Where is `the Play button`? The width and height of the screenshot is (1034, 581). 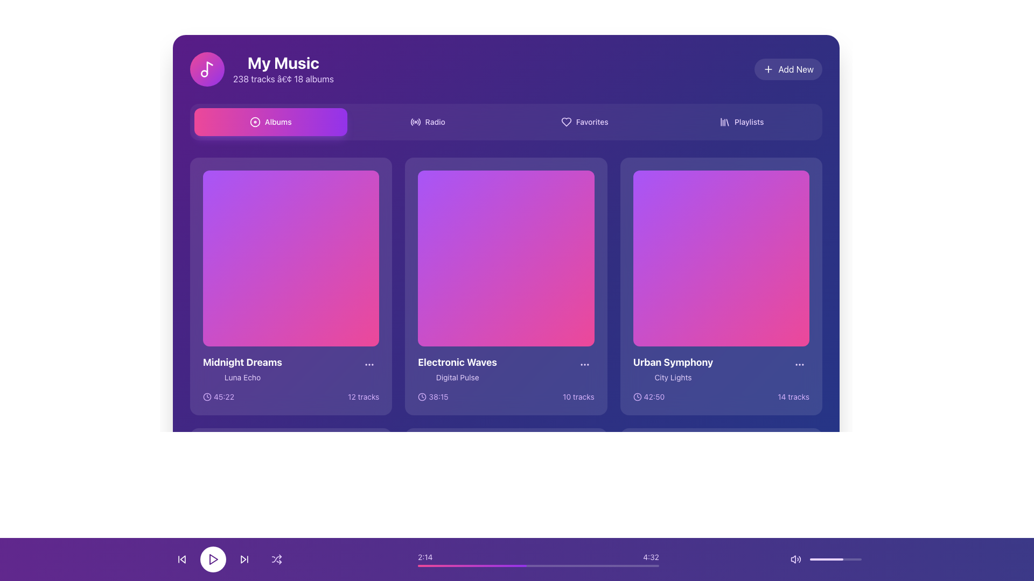 the Play button is located at coordinates (291, 528).